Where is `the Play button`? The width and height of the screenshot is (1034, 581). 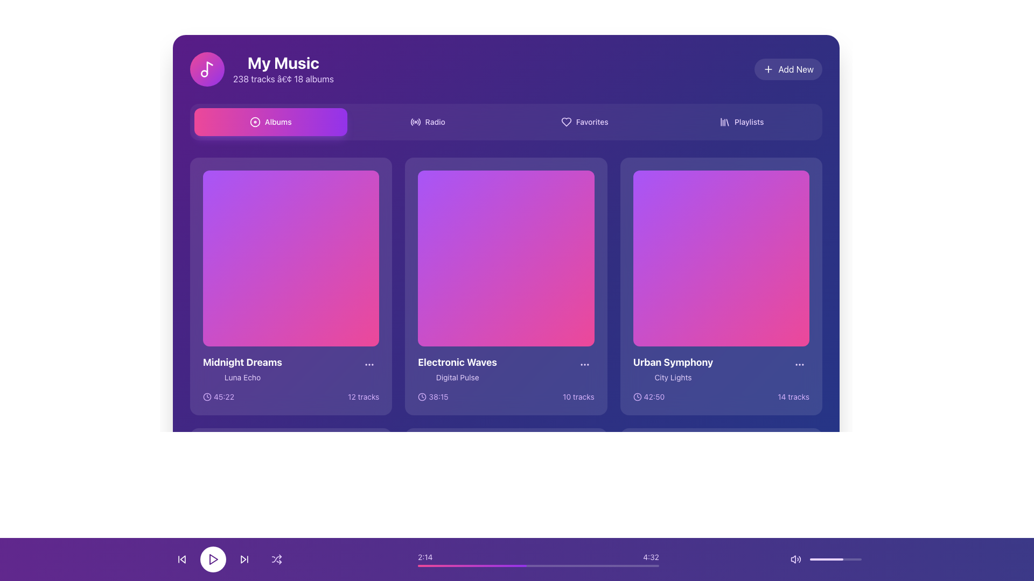 the Play button is located at coordinates (291, 528).